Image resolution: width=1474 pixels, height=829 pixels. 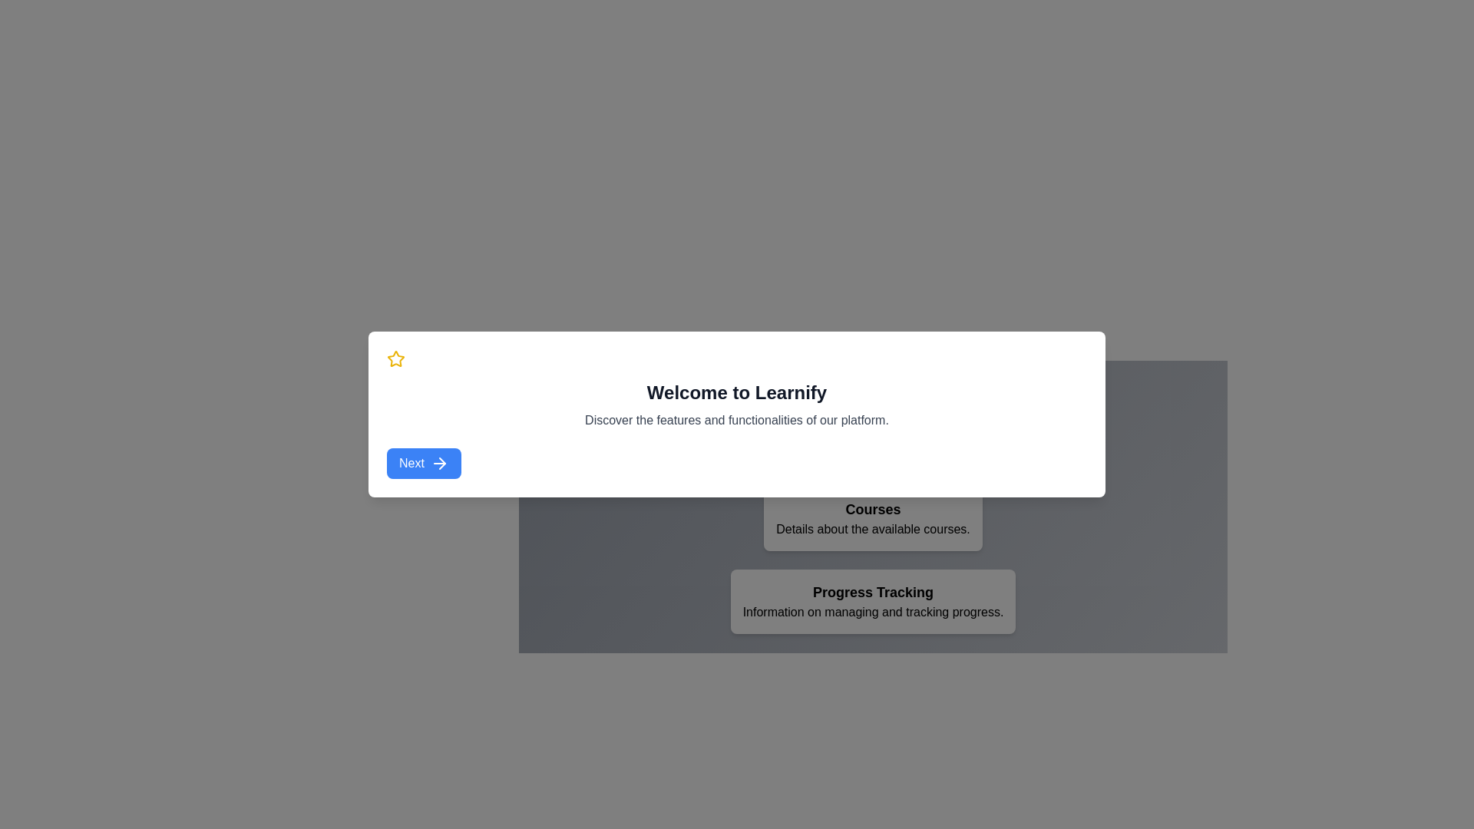 What do you see at coordinates (873, 509) in the screenshot?
I see `title text 'Courses' which is displayed in a bold and uppercase font style, centrally aligned within a white card with rounded corners located at the center-bottom part of the interface` at bounding box center [873, 509].